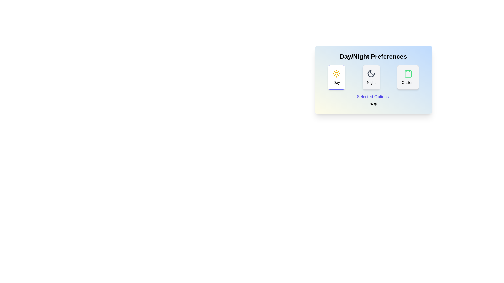 This screenshot has height=283, width=504. Describe the element at coordinates (337, 77) in the screenshot. I see `the 'Day' button to toggle its selection` at that location.